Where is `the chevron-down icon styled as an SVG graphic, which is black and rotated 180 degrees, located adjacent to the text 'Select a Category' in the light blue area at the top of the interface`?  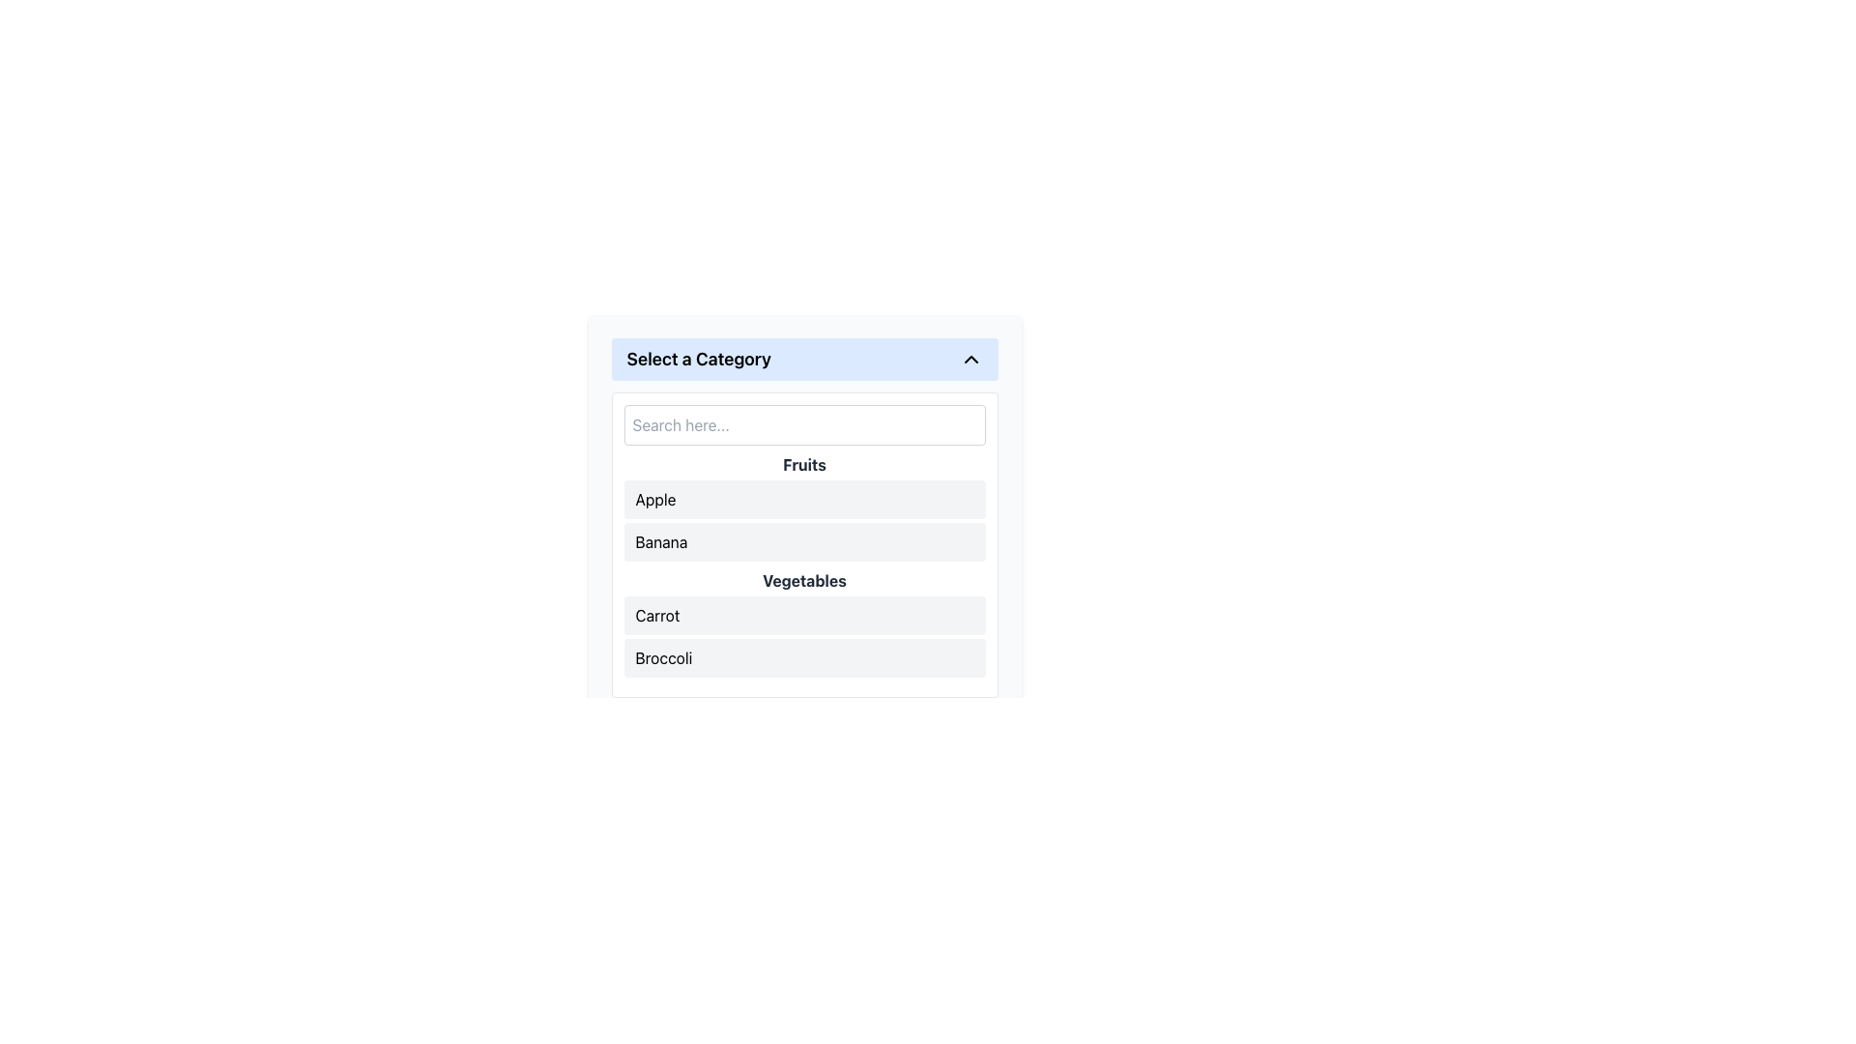 the chevron-down icon styled as an SVG graphic, which is black and rotated 180 degrees, located adjacent to the text 'Select a Category' in the light blue area at the top of the interface is located at coordinates (971, 359).